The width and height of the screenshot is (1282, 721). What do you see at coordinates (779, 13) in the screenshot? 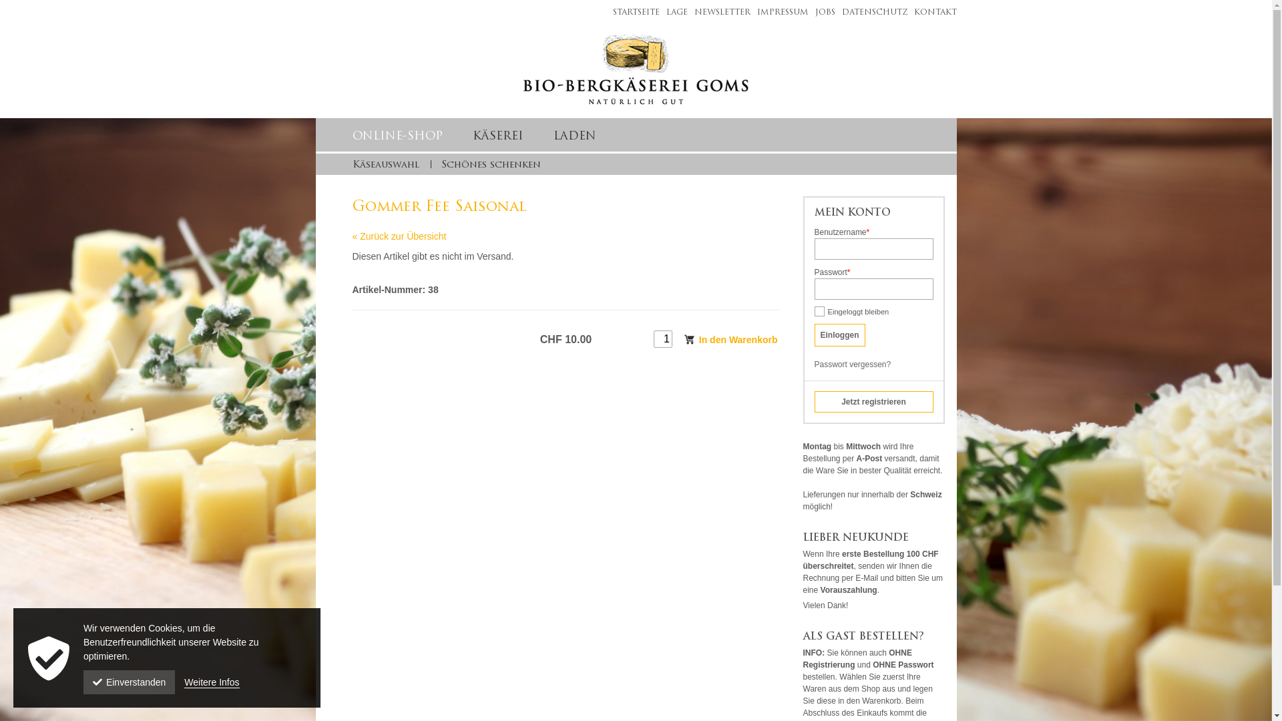
I see `'IMPRESSUM'` at bounding box center [779, 13].